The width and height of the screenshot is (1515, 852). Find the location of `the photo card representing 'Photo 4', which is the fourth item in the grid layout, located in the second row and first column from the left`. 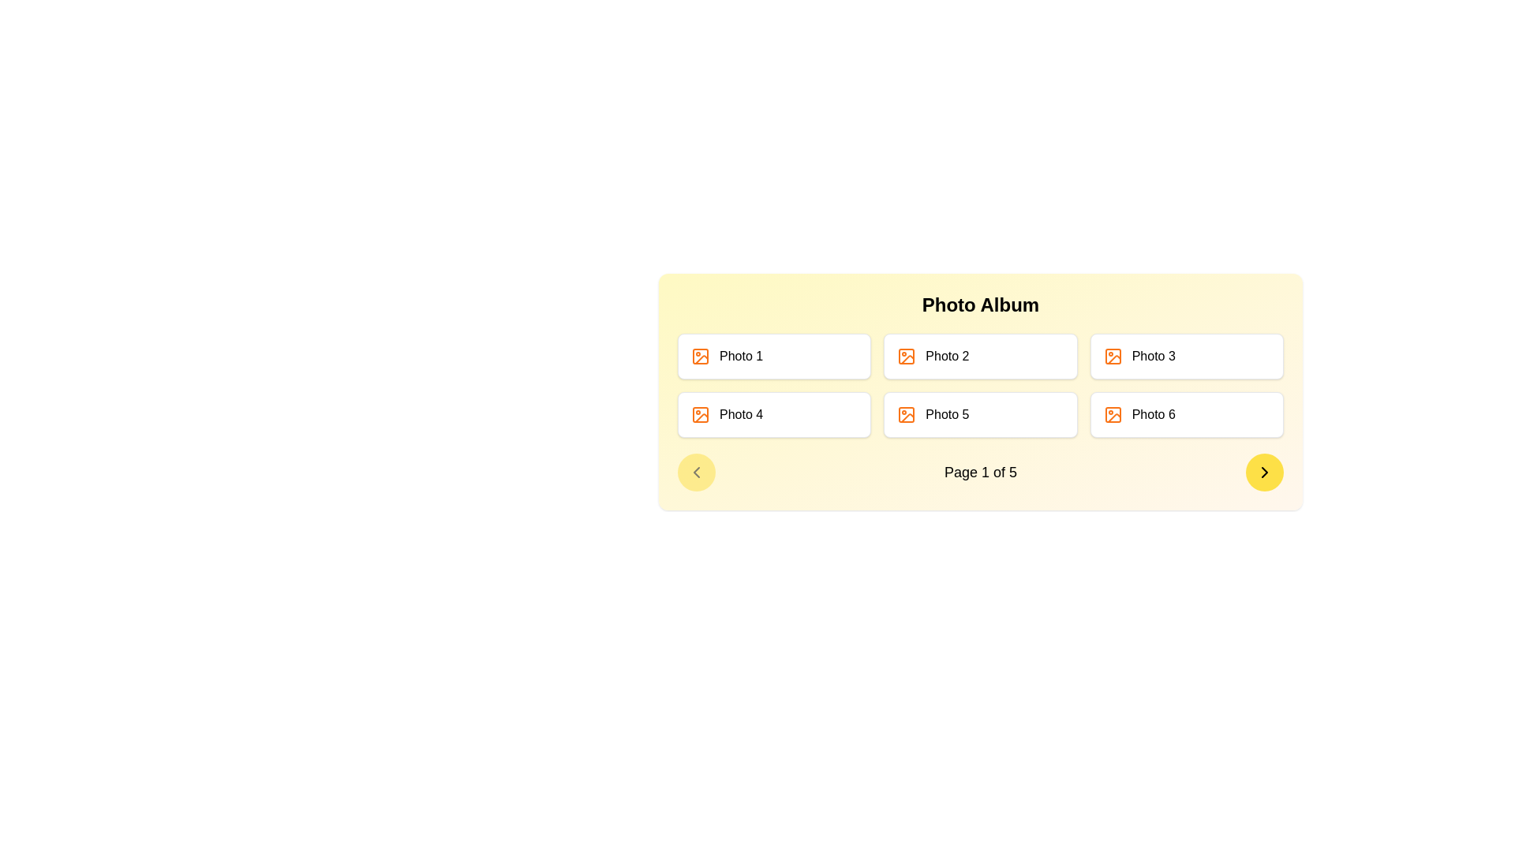

the photo card representing 'Photo 4', which is the fourth item in the grid layout, located in the second row and first column from the left is located at coordinates (774, 413).